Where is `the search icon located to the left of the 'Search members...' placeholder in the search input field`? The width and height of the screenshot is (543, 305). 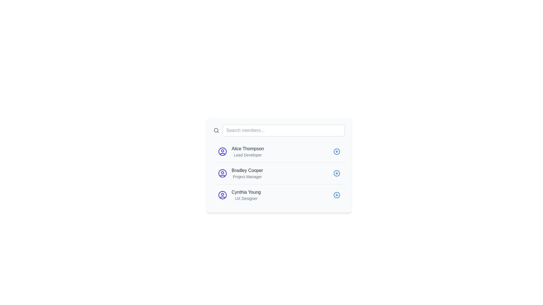
the search icon located to the left of the 'Search members...' placeholder in the search input field is located at coordinates (216, 130).